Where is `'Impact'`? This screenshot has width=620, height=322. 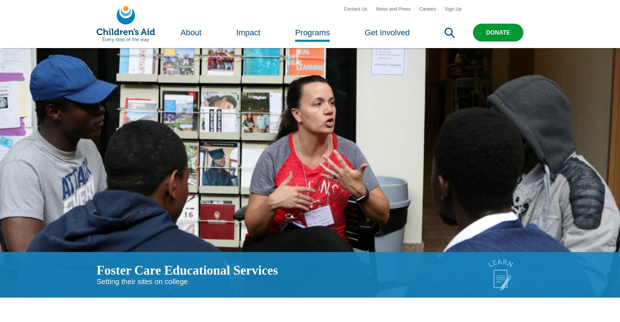 'Impact' is located at coordinates (248, 37).